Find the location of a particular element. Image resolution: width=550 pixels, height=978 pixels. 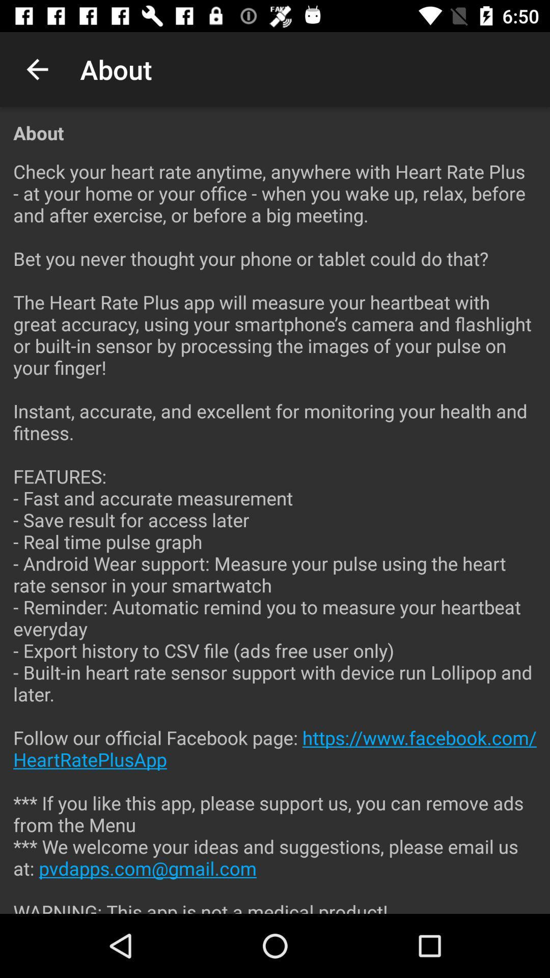

item below the about item is located at coordinates (275, 529).